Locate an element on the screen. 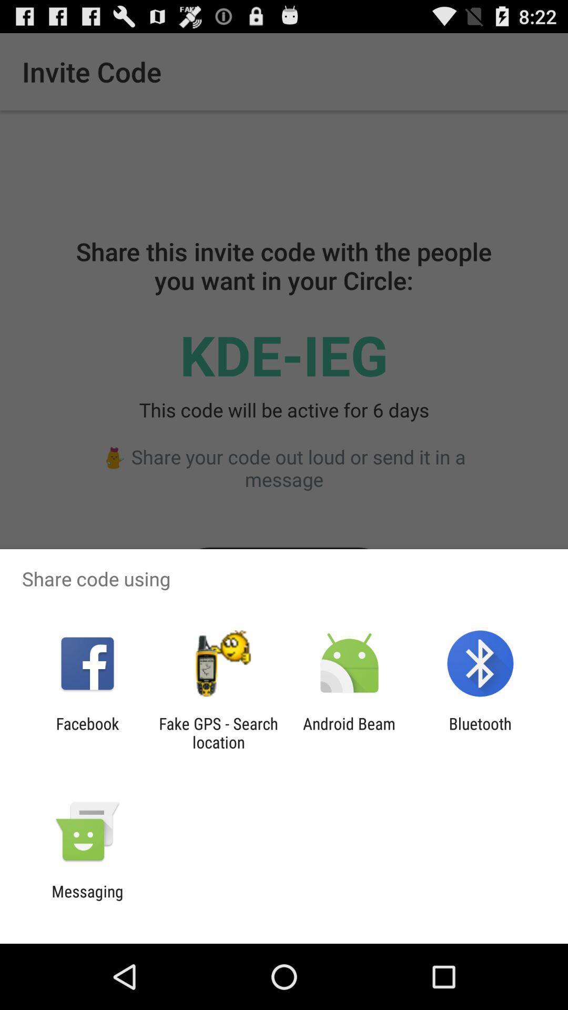 The width and height of the screenshot is (568, 1010). the android beam app is located at coordinates (349, 732).